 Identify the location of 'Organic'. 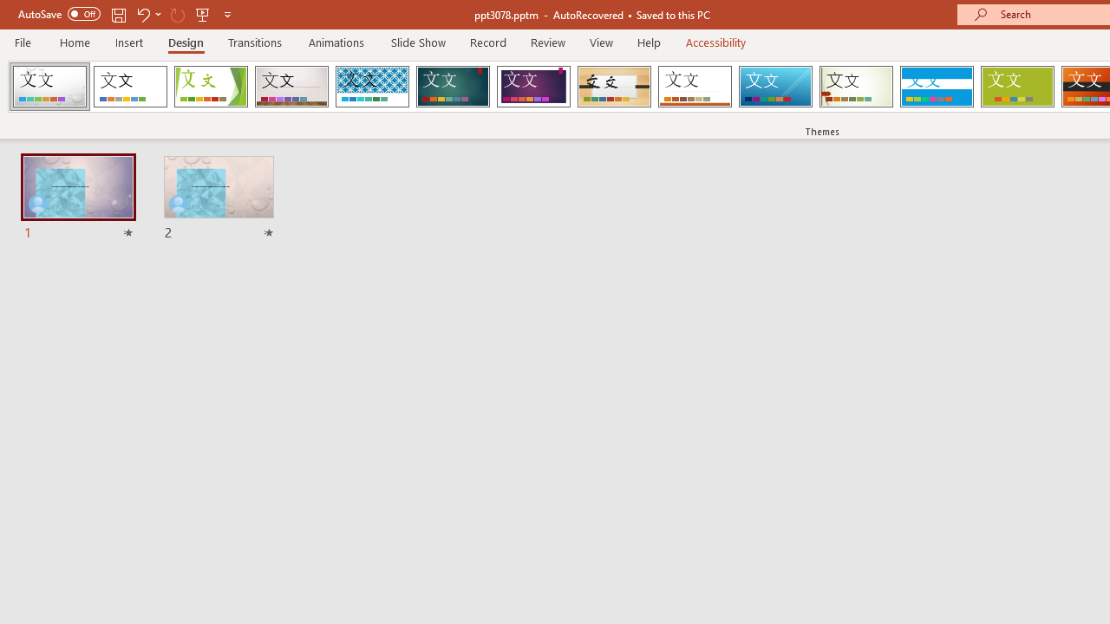
(614, 87).